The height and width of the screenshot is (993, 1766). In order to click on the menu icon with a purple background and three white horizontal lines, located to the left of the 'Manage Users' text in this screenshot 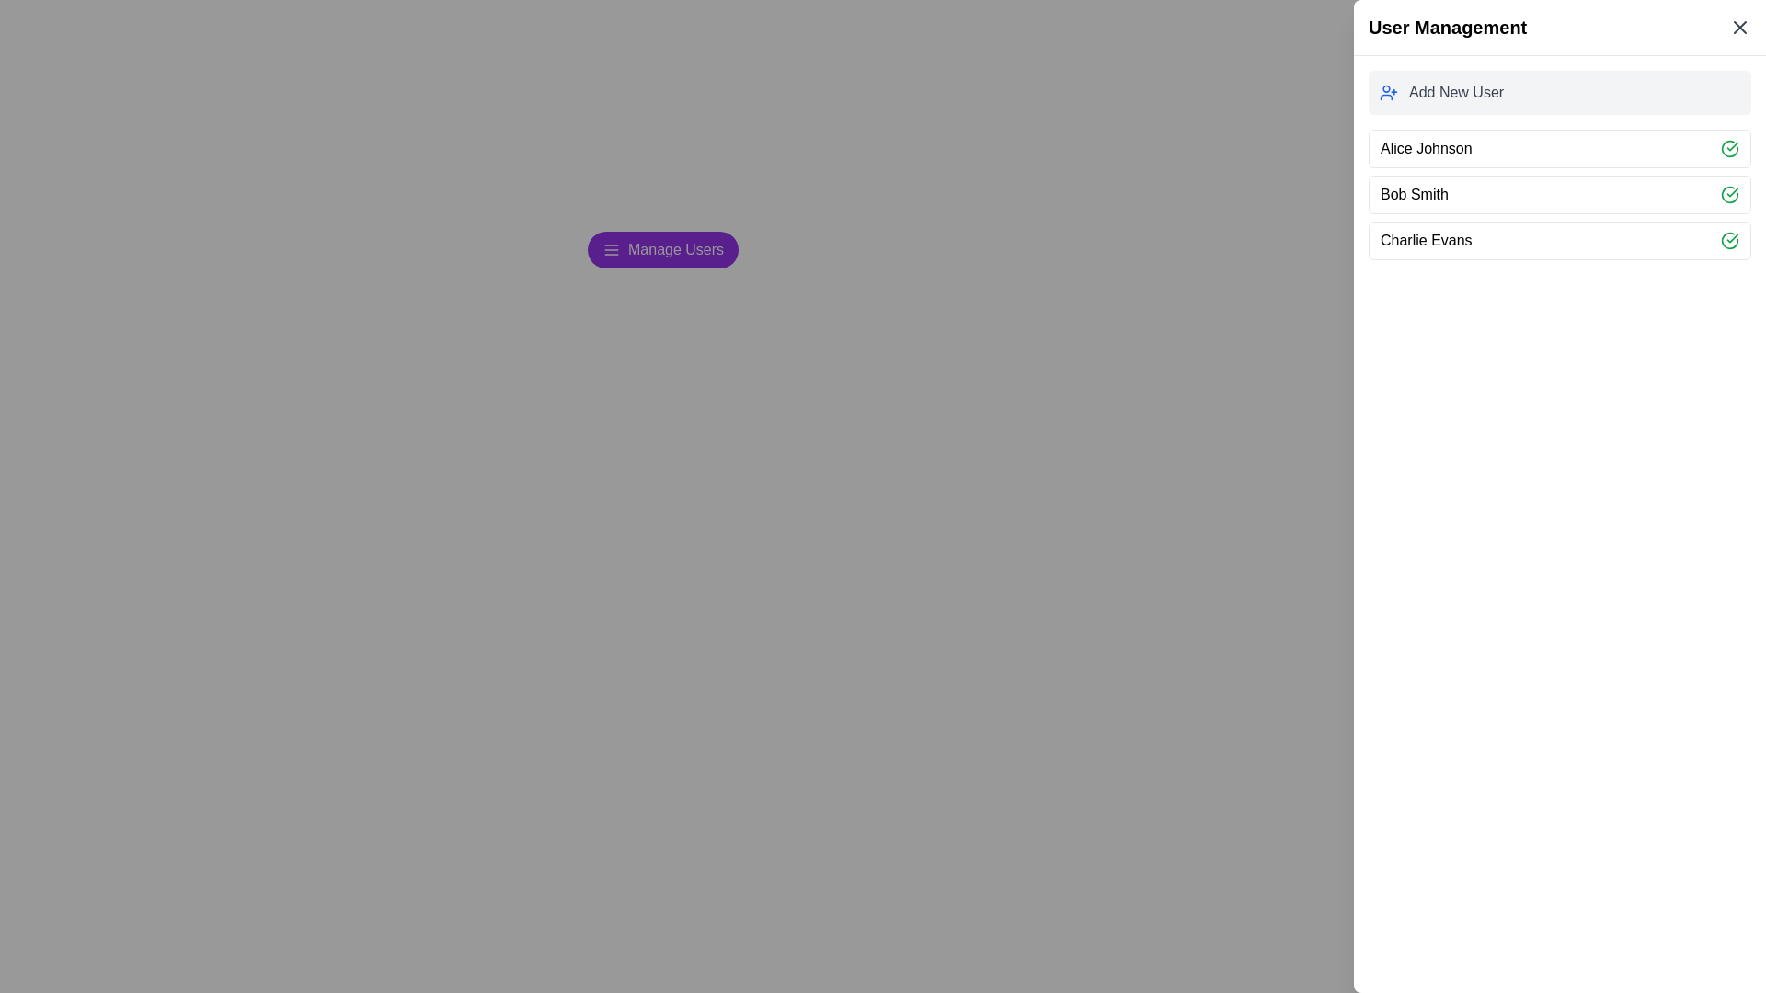, I will do `click(612, 250)`.